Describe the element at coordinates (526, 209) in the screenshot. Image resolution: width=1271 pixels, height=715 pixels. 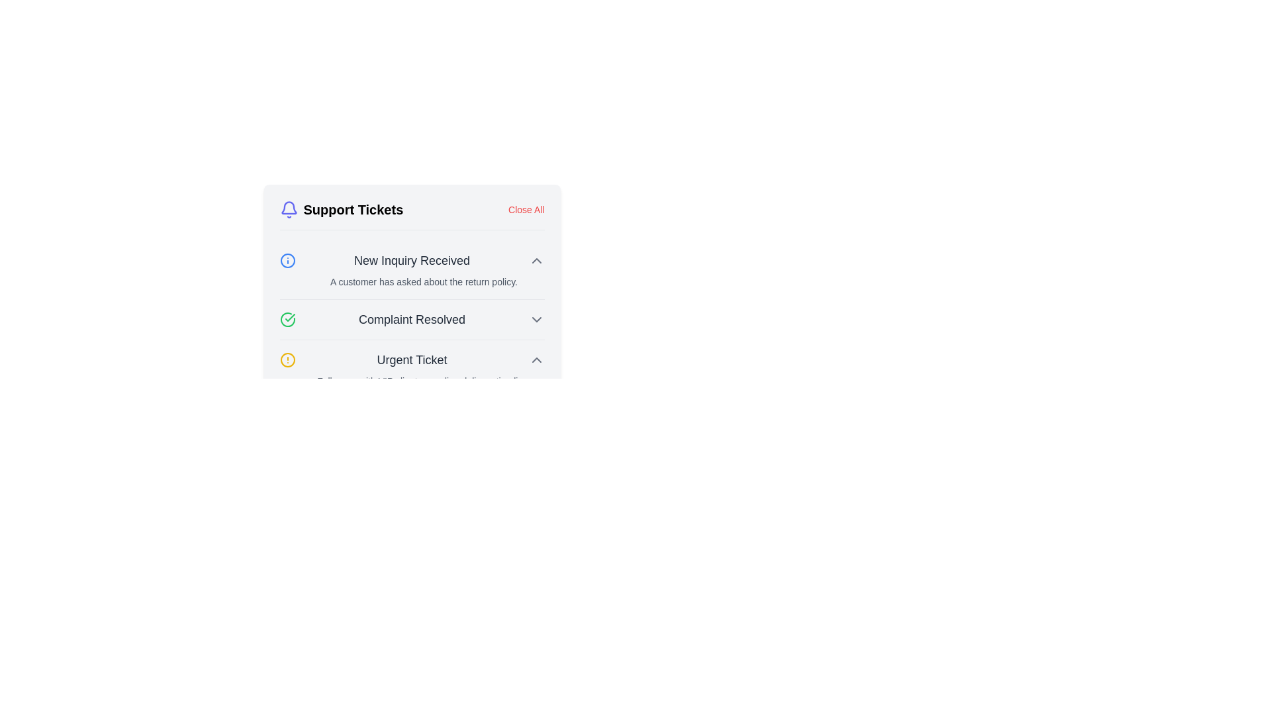
I see `the interactive text link in the top-right corner of the 'Support Tickets' header to underline it` at that location.